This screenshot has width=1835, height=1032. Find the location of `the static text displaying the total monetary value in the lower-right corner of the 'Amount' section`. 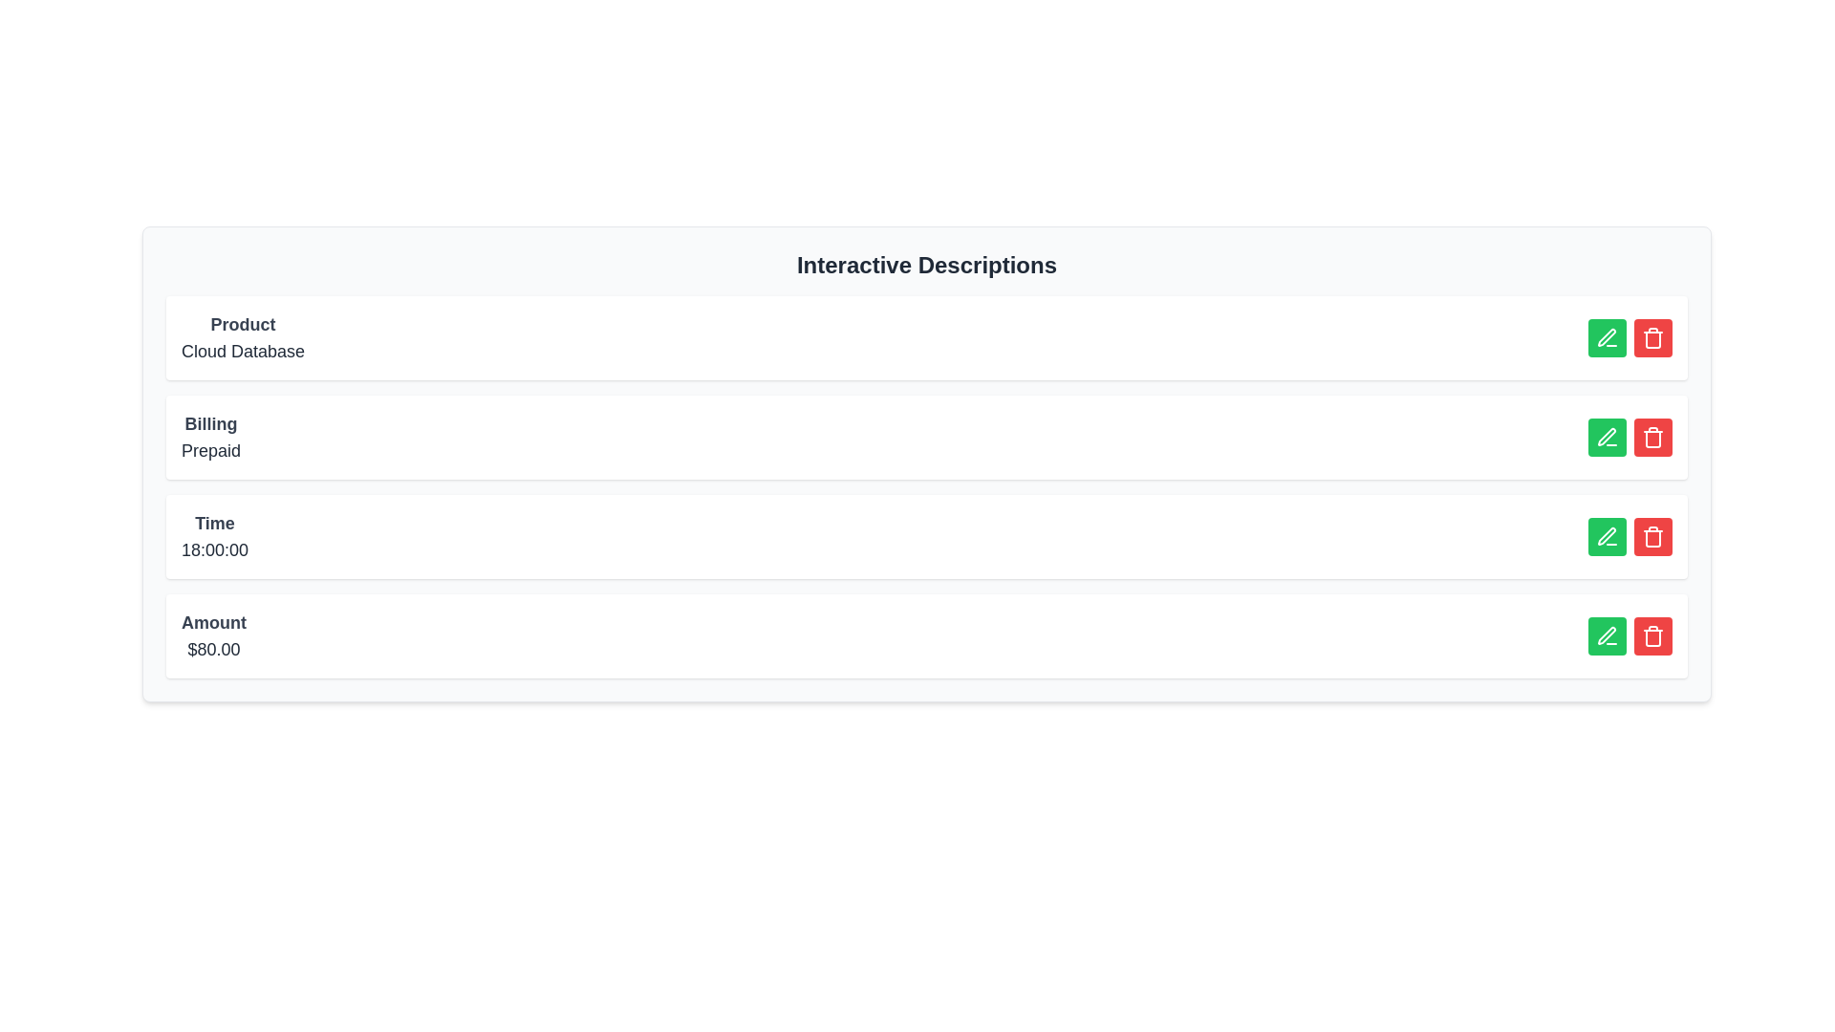

the static text displaying the total monetary value in the lower-right corner of the 'Amount' section is located at coordinates (214, 648).